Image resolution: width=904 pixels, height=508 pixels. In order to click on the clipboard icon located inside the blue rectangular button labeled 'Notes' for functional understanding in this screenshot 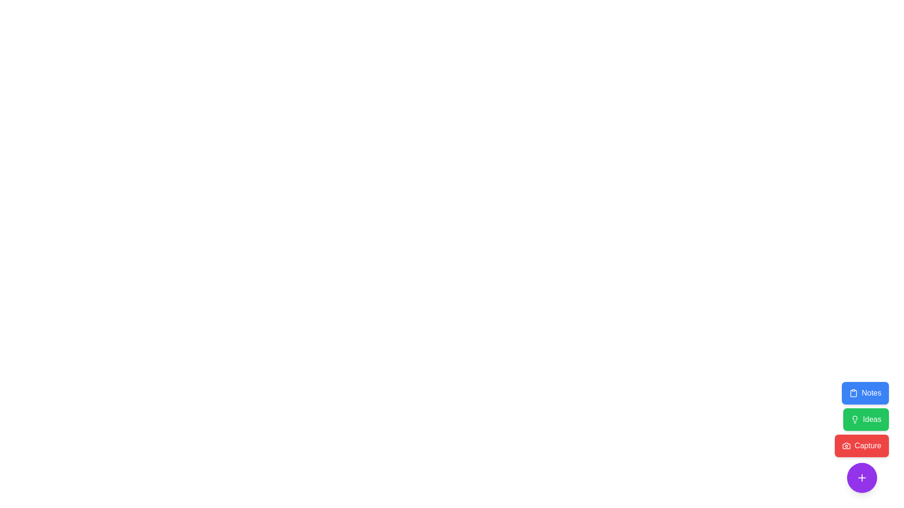, I will do `click(854, 393)`.